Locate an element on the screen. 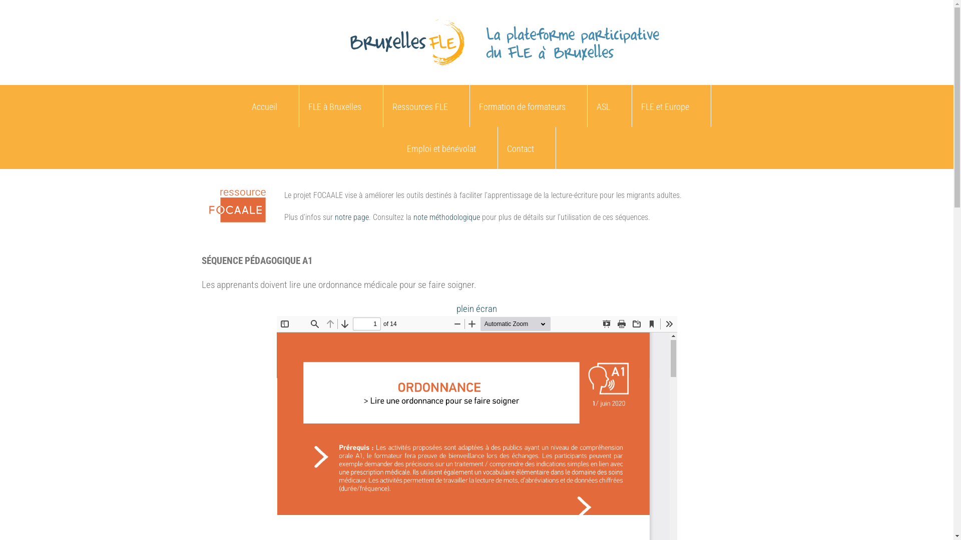 Image resolution: width=961 pixels, height=540 pixels. 'notre page' is located at coordinates (351, 216).